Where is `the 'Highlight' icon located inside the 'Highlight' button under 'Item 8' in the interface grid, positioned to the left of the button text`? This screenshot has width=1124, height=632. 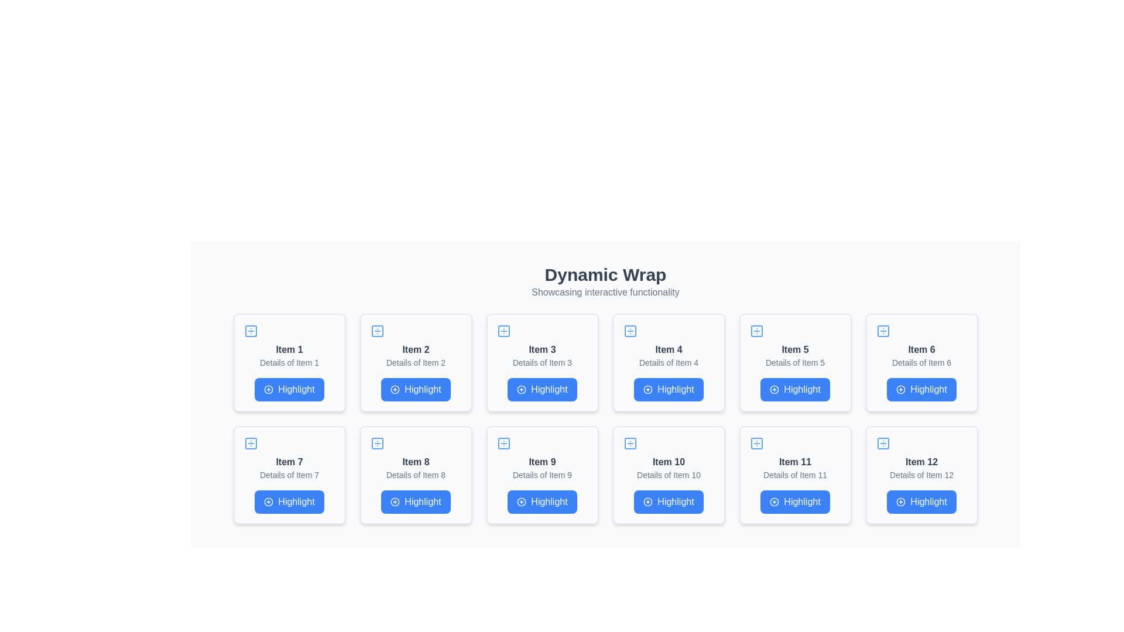 the 'Highlight' icon located inside the 'Highlight' button under 'Item 8' in the interface grid, positioned to the left of the button text is located at coordinates (395, 501).